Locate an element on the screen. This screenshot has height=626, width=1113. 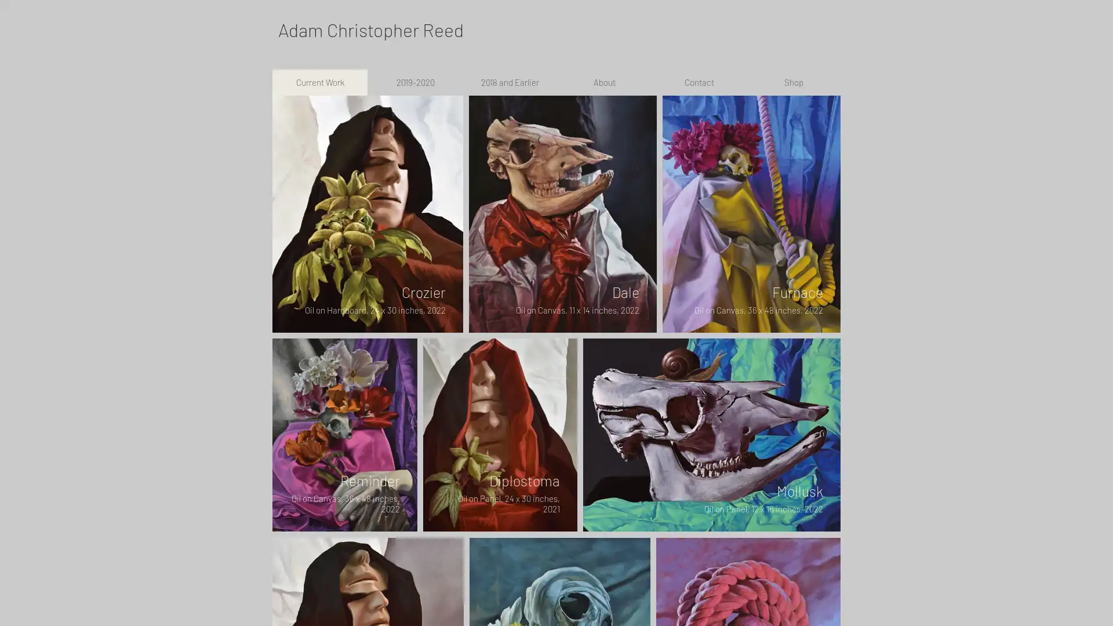
202201001---Reminder.jpg is located at coordinates (344, 435).